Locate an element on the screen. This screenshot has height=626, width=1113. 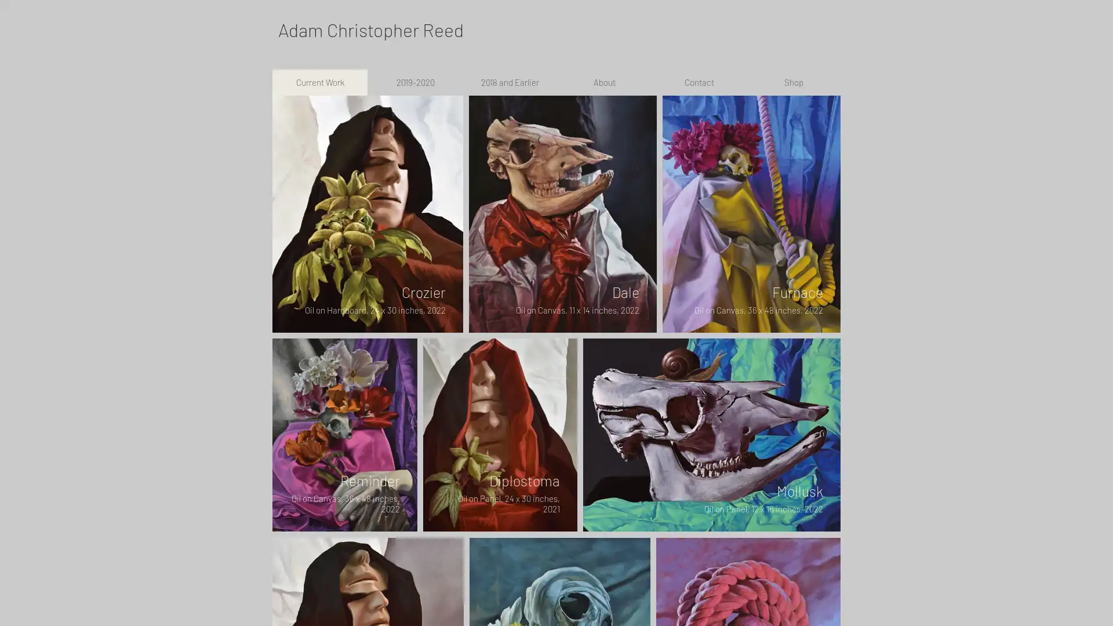
202201001---Reminder.jpg is located at coordinates (344, 435).